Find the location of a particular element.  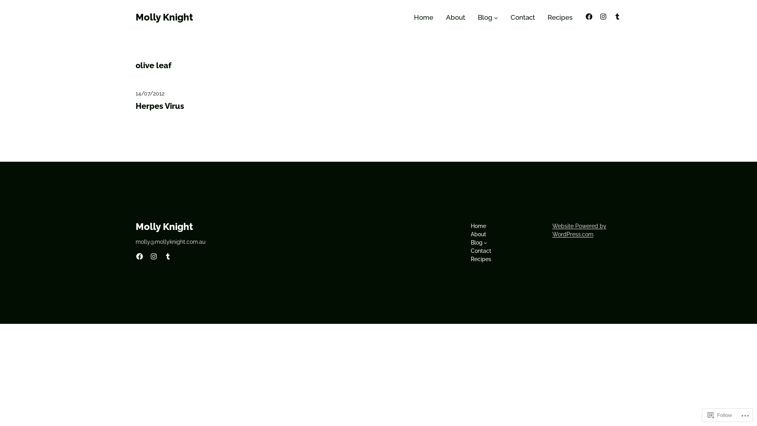

'Website Powered by WordPress.com' is located at coordinates (579, 230).